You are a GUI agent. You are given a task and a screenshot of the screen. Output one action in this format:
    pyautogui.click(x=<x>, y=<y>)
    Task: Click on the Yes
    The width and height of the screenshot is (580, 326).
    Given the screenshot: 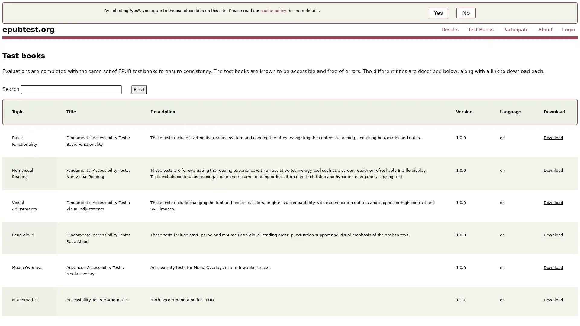 What is the action you would take?
    pyautogui.click(x=438, y=13)
    